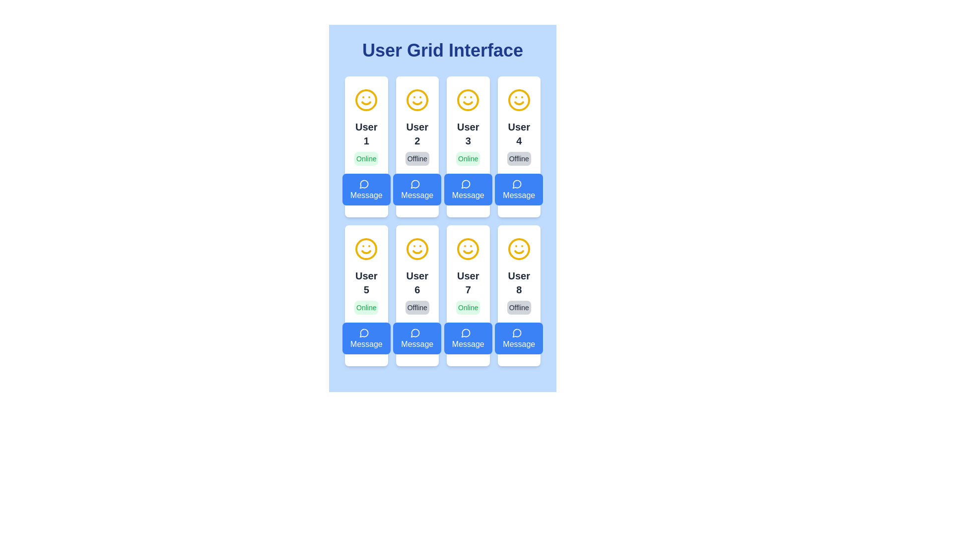 The height and width of the screenshot is (536, 953). Describe the element at coordinates (467, 189) in the screenshot. I see `the rectangular button with a blue background and white text reading 'Message' located in the card for 'User 3' to initiate the messaging interface` at that location.